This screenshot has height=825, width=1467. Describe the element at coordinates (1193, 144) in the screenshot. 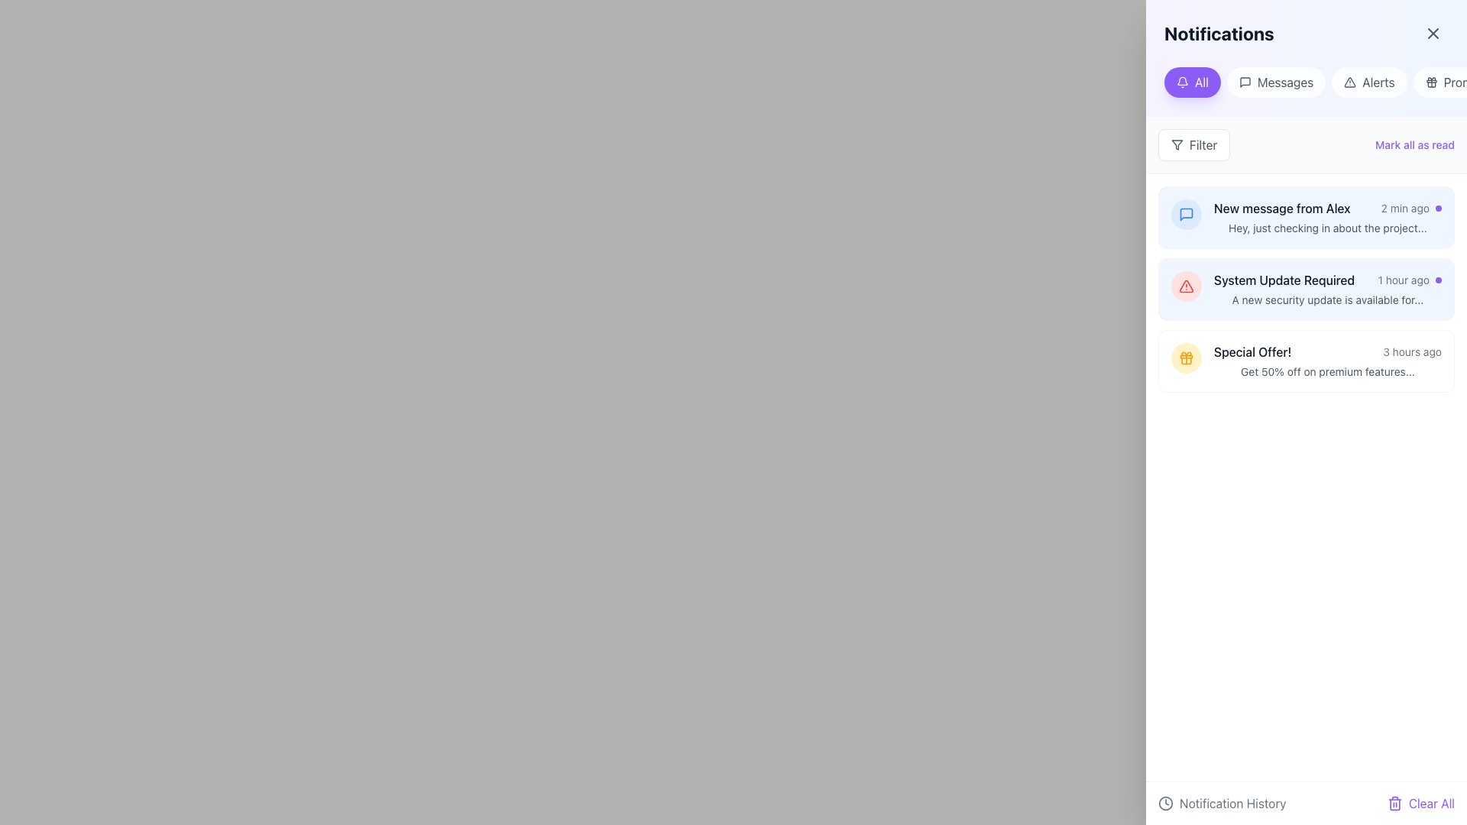

I see `the filter button located to the left of the header row within the notification panel` at that location.